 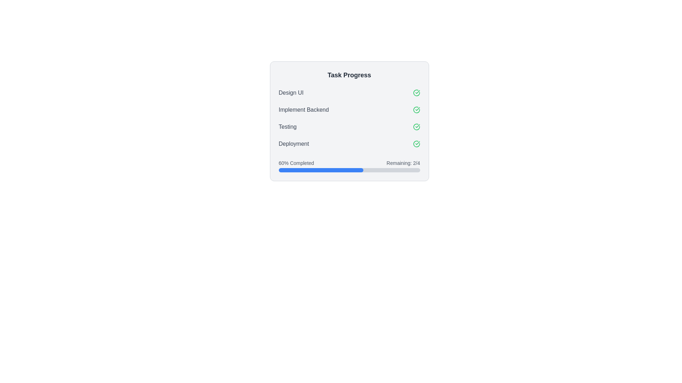 I want to click on the completion icon located to the right of the 'Design UI' text, which indicates the task's completion in the task progress panel, so click(x=416, y=93).